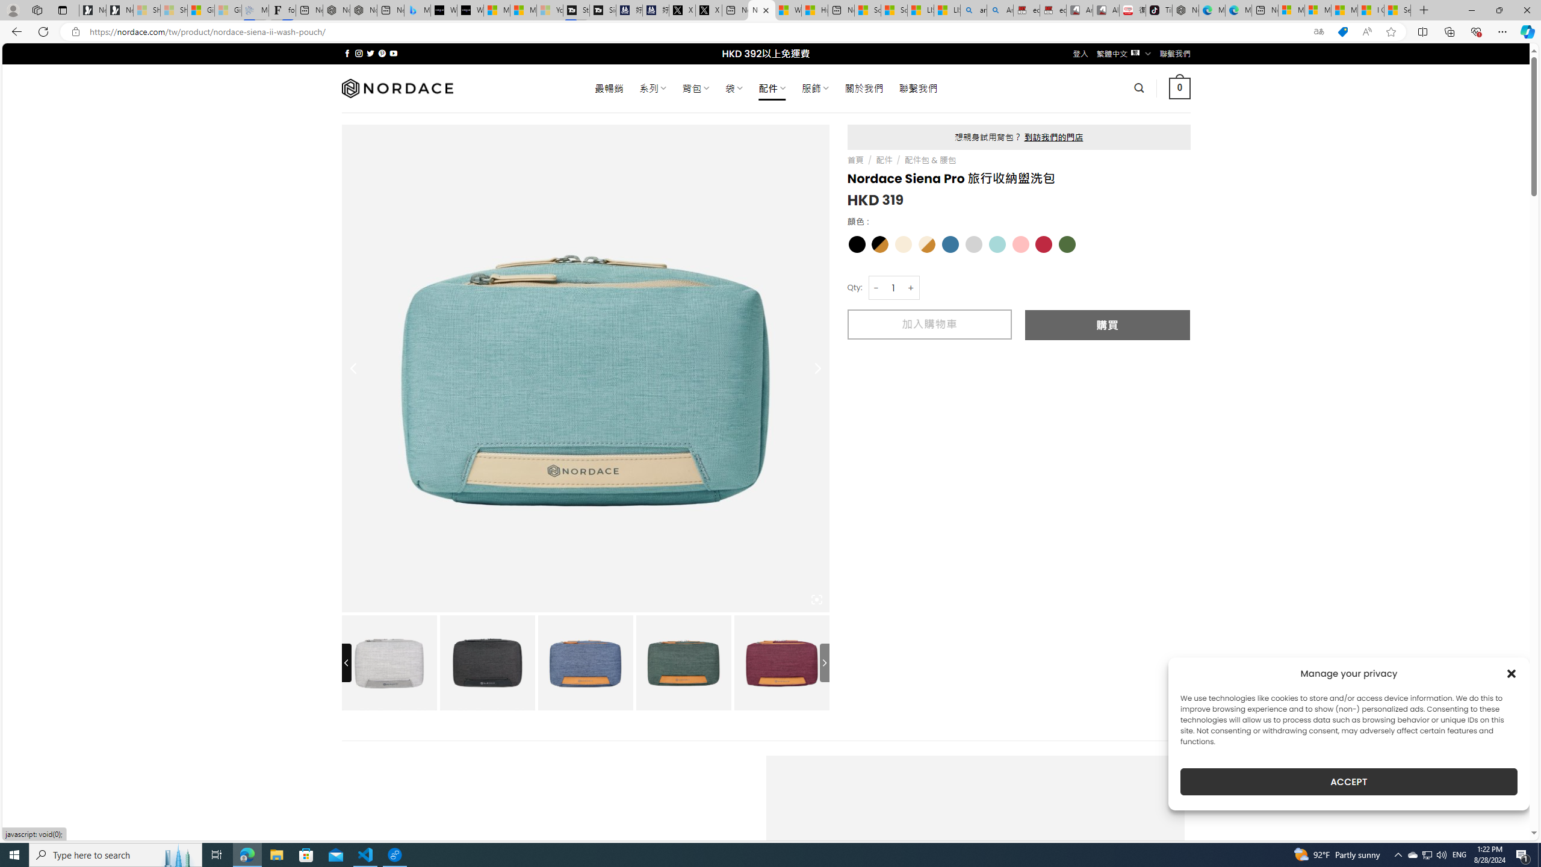 The width and height of the screenshot is (1541, 867). What do you see at coordinates (973, 10) in the screenshot?
I see `'amazon - Search'` at bounding box center [973, 10].